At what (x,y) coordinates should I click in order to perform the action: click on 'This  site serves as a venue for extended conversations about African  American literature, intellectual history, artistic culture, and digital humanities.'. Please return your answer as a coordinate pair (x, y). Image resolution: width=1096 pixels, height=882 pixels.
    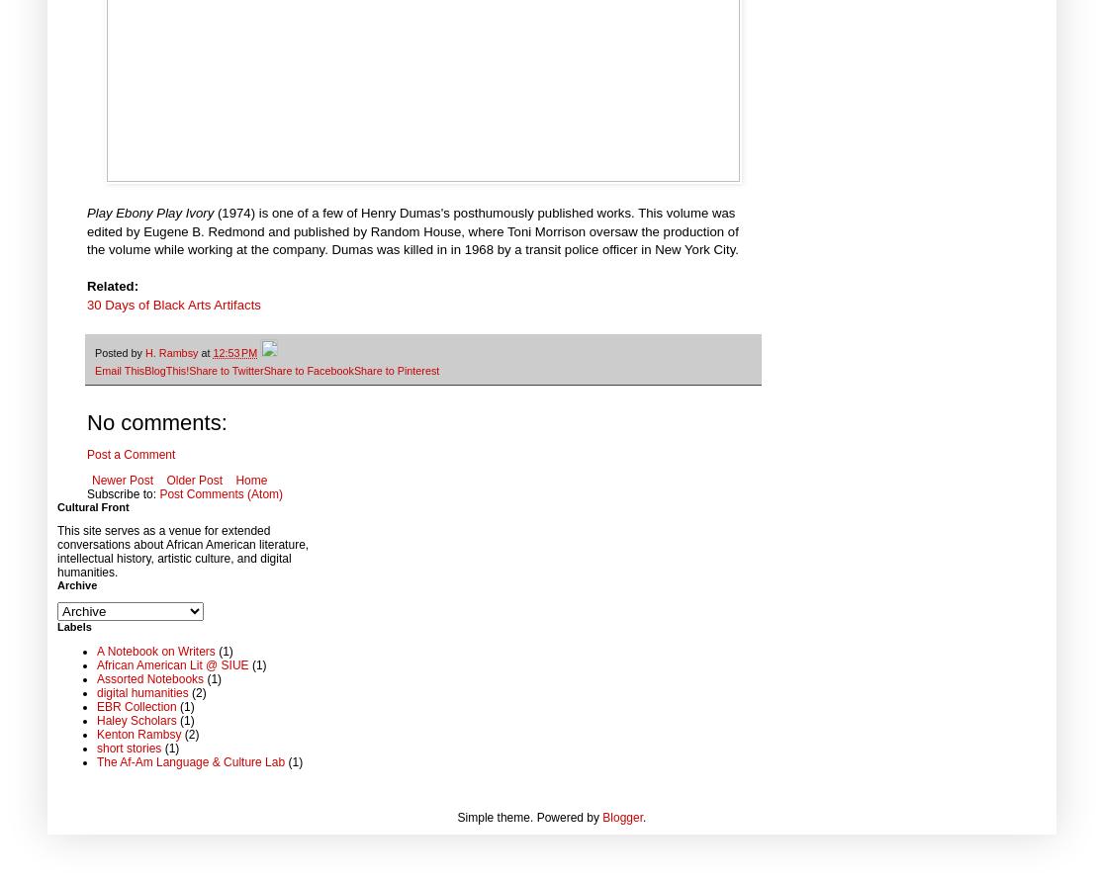
    Looking at the image, I should click on (183, 550).